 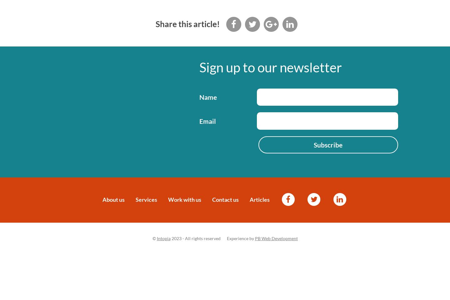 What do you see at coordinates (260, 199) in the screenshot?
I see `'Articles'` at bounding box center [260, 199].